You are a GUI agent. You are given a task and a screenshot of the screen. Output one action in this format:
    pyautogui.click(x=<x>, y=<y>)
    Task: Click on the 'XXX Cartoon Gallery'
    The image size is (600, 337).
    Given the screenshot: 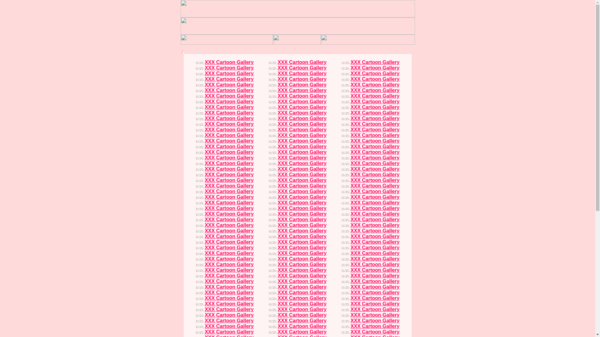 What is the action you would take?
    pyautogui.click(x=229, y=73)
    